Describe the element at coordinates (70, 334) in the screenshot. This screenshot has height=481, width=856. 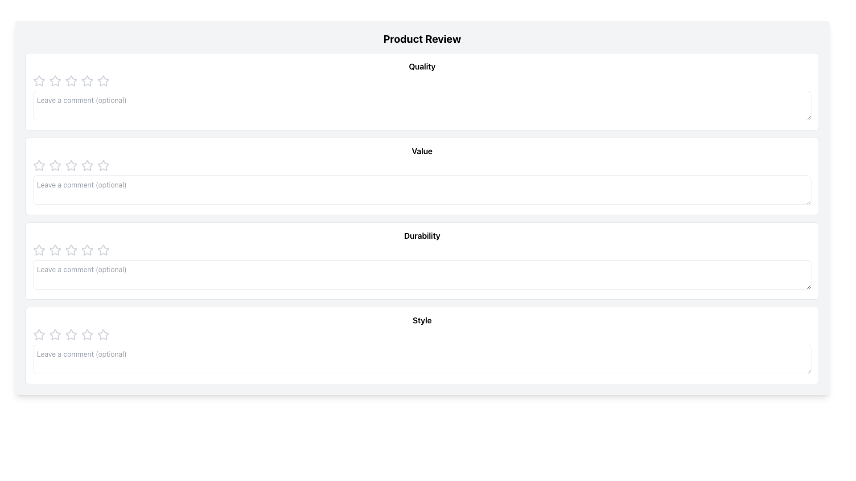
I see `the first interactive rating star` at that location.